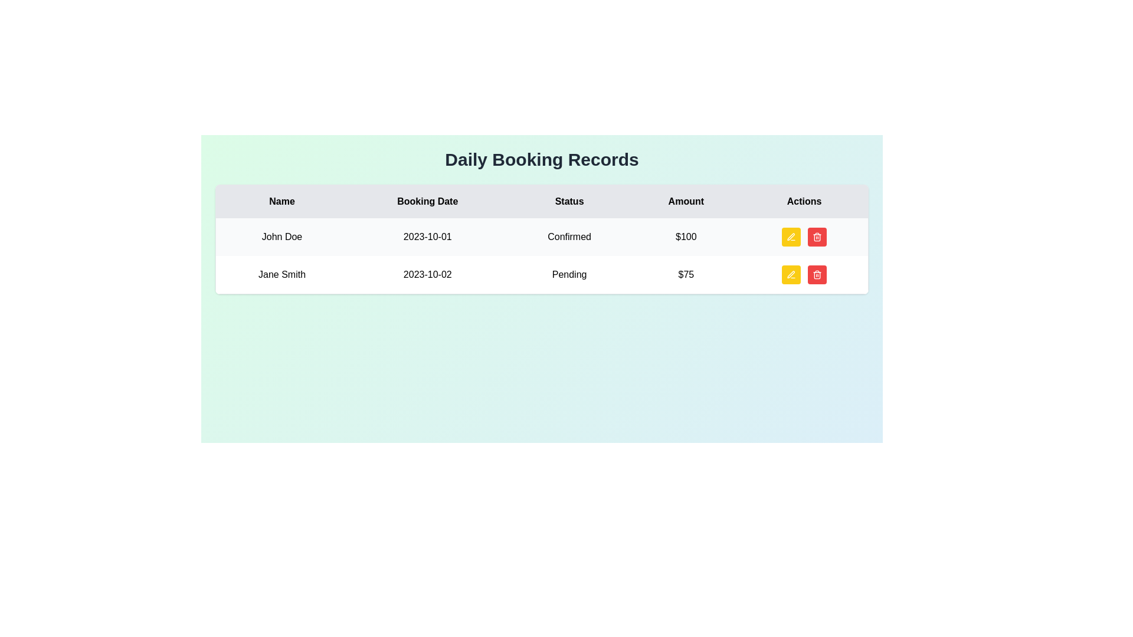  What do you see at coordinates (281, 237) in the screenshot?
I see `the text label displaying 'John Doe', which is located in the first column of the first data row under the 'Name' header in the 'Daily Booking Records' table` at bounding box center [281, 237].